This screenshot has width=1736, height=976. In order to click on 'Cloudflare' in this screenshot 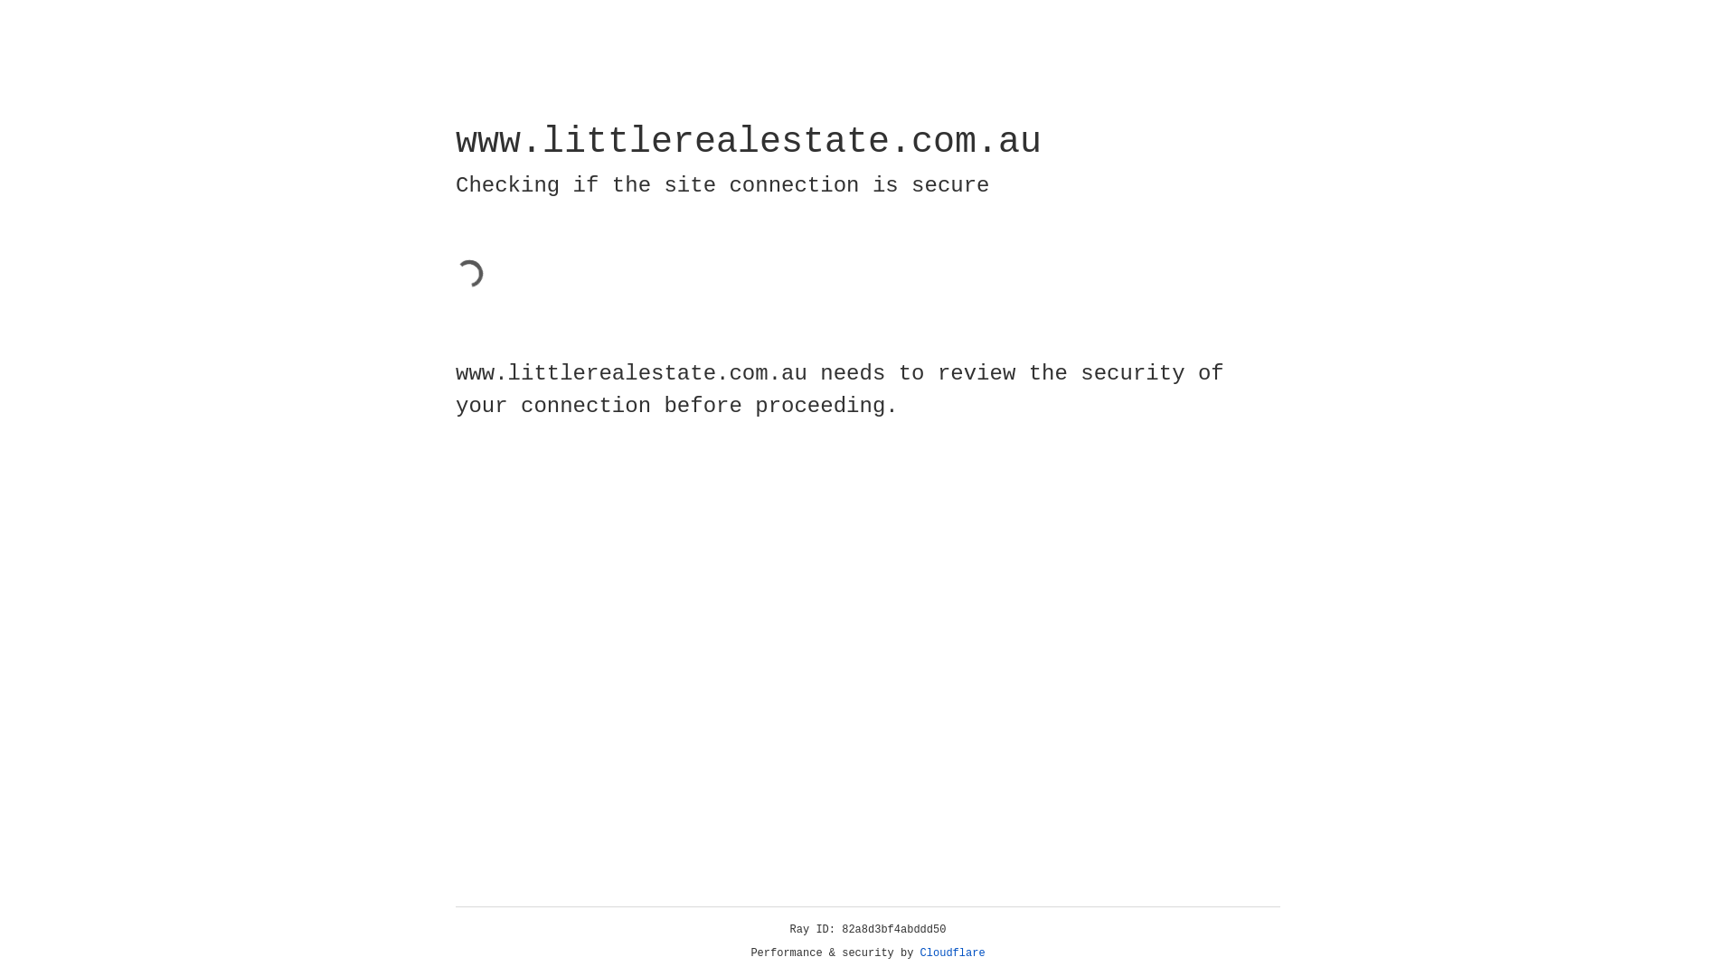, I will do `click(920, 953)`.